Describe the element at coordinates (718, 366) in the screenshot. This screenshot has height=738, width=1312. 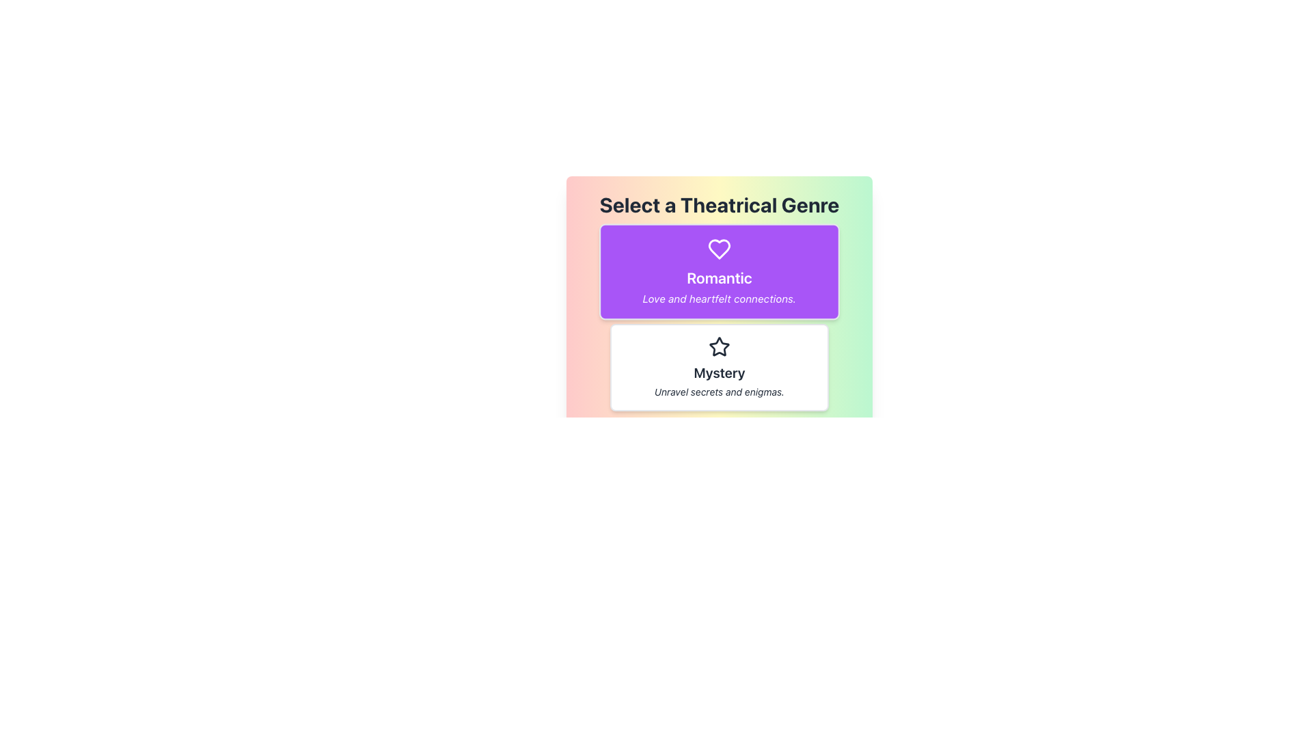
I see `the 'Mystery' genre list item, which is visually distinct with a white background and a star icon` at that location.